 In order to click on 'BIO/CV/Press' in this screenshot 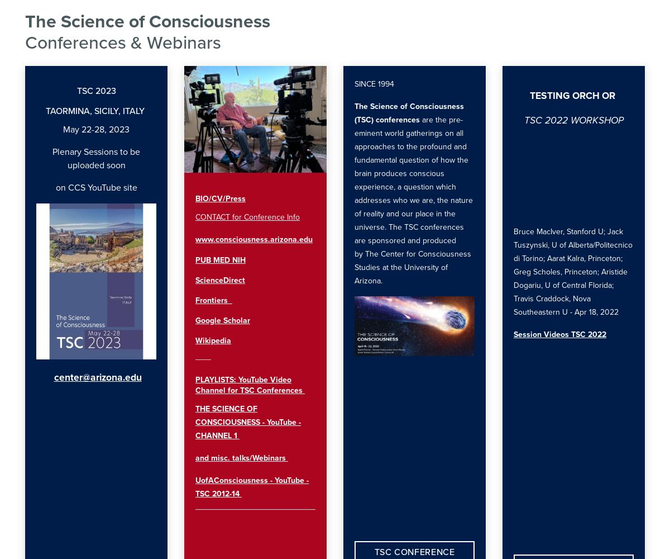, I will do `click(221, 197)`.